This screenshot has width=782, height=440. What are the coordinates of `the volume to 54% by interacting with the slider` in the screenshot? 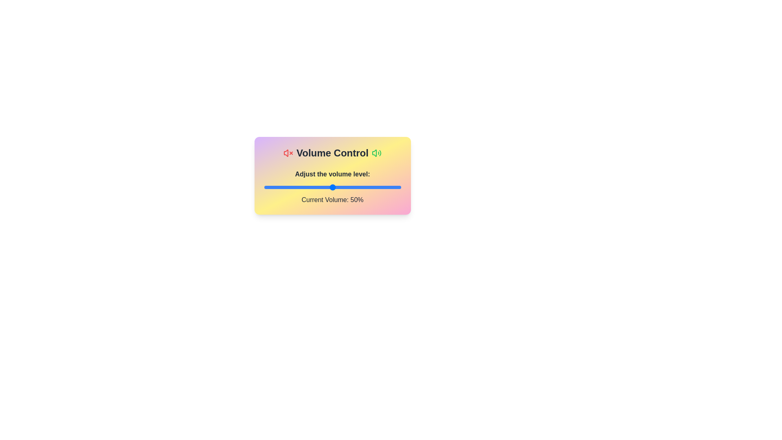 It's located at (338, 187).